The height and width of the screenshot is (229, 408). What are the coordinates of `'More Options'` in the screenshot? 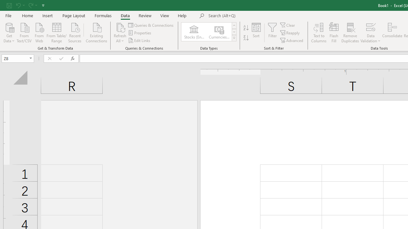 It's located at (370, 38).